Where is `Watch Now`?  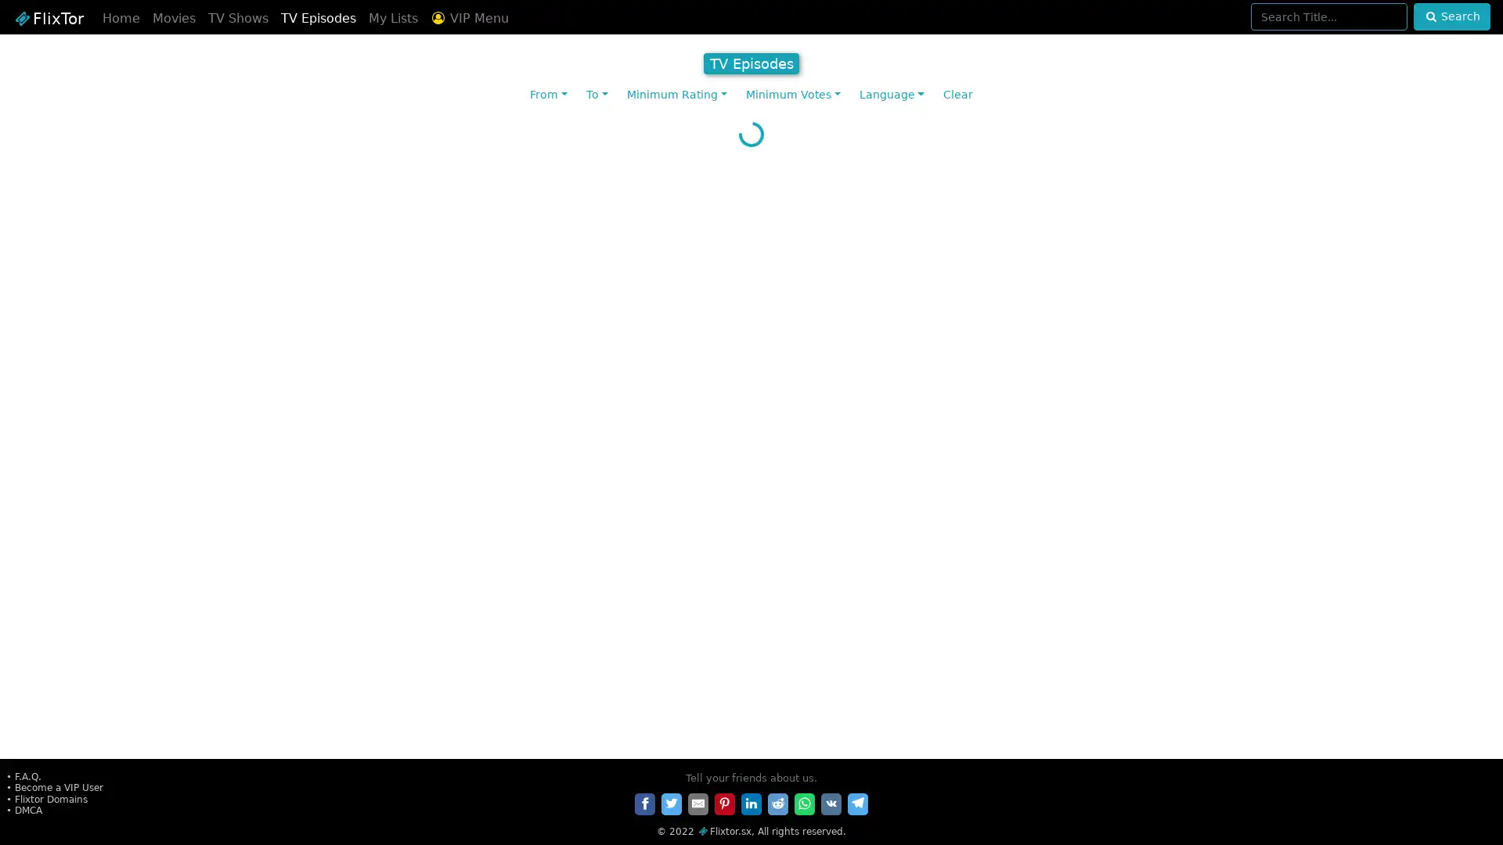
Watch Now is located at coordinates (1375, 343).